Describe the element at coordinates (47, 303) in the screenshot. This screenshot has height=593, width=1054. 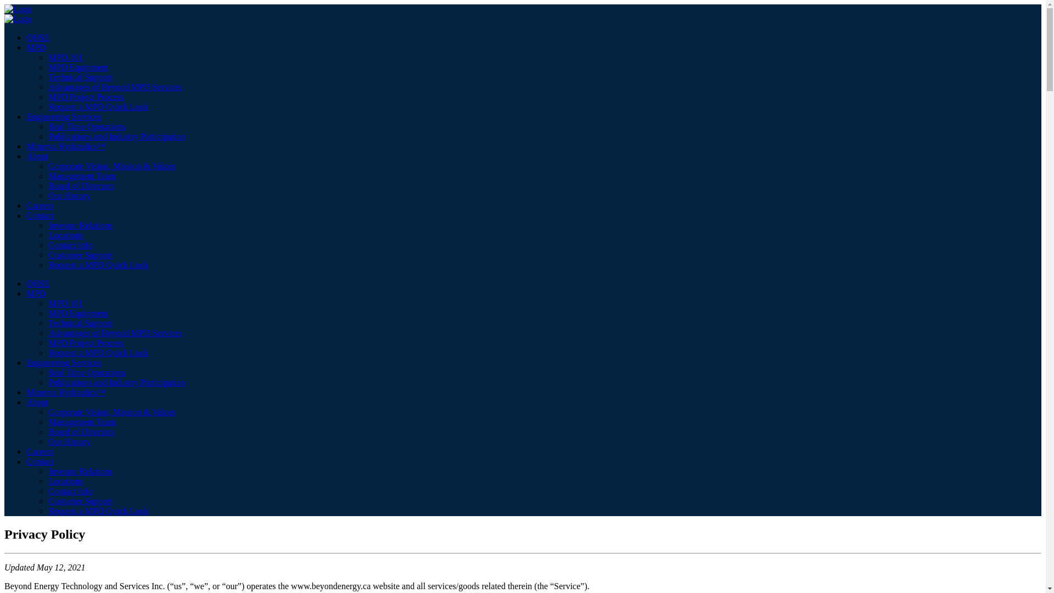
I see `'MPD 101'` at that location.